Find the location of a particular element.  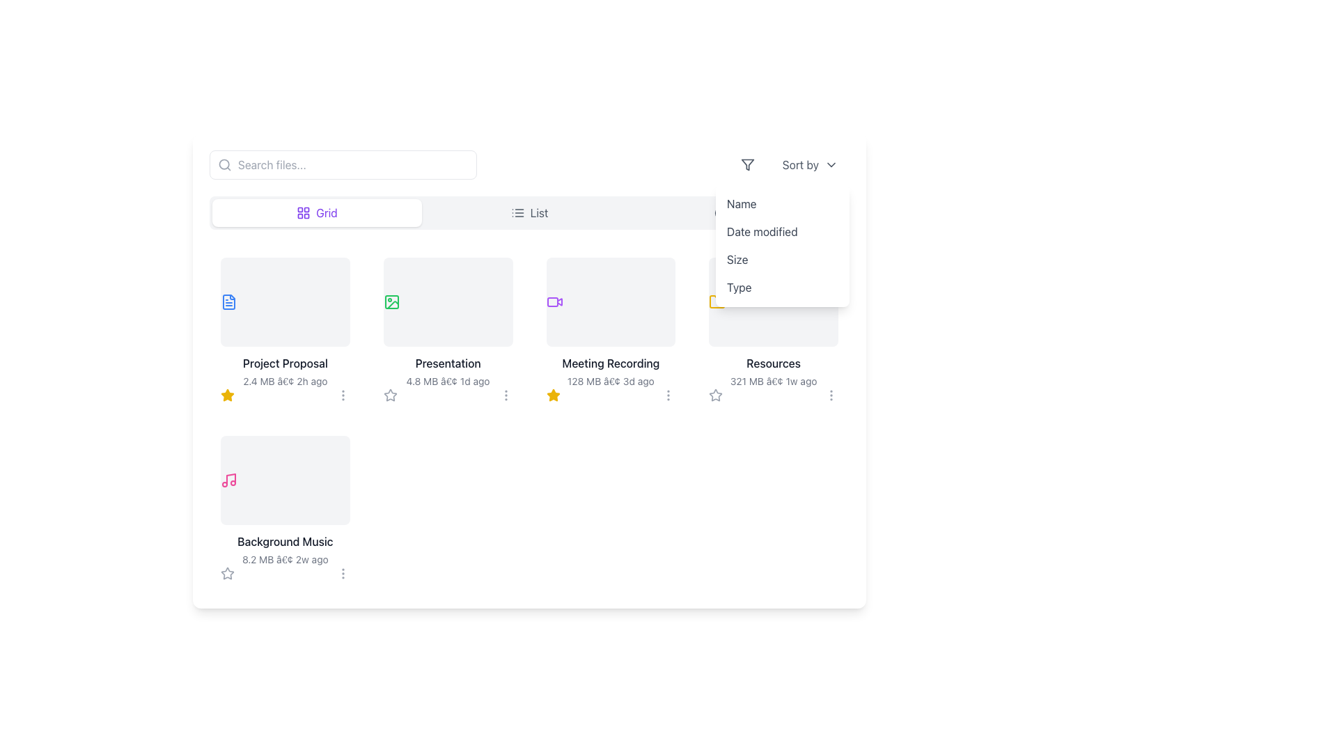

the Navigation menu is located at coordinates (529, 212).